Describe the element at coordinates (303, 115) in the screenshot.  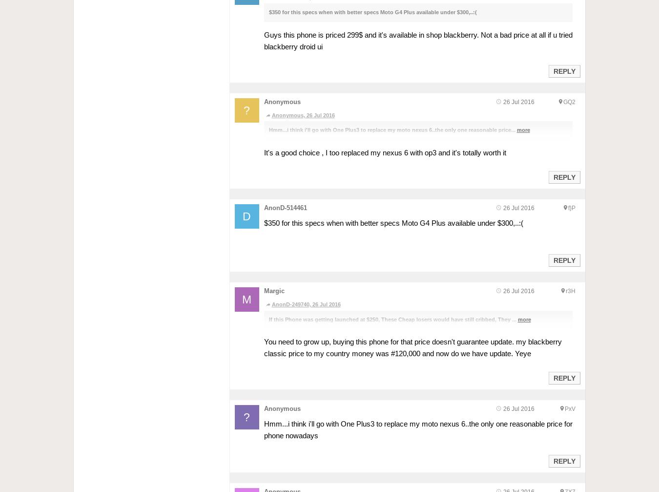
I see `'Anonymous, 26 Jul 2016'` at that location.